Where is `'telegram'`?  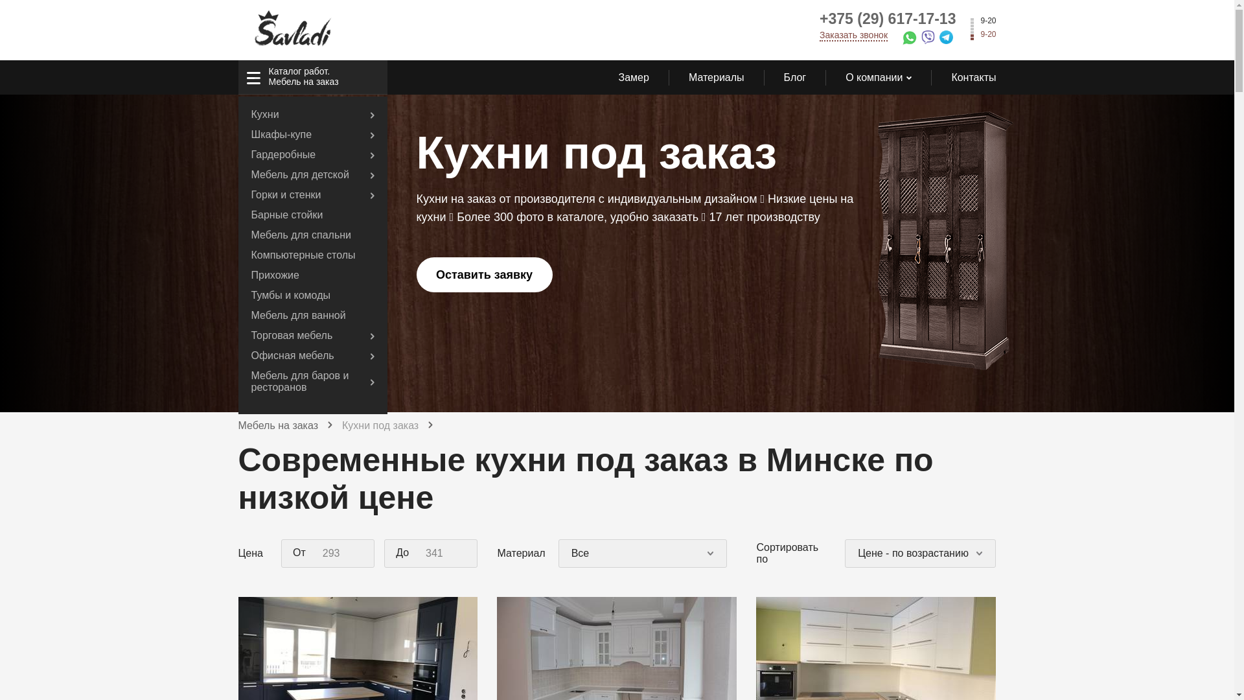 'telegram' is located at coordinates (949, 39).